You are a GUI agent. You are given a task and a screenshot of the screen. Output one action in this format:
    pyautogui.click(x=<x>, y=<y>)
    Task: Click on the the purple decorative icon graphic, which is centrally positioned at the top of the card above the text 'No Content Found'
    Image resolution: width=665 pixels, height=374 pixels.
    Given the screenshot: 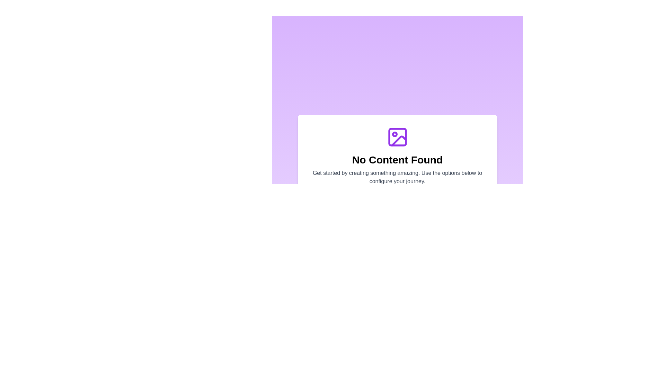 What is the action you would take?
    pyautogui.click(x=397, y=137)
    